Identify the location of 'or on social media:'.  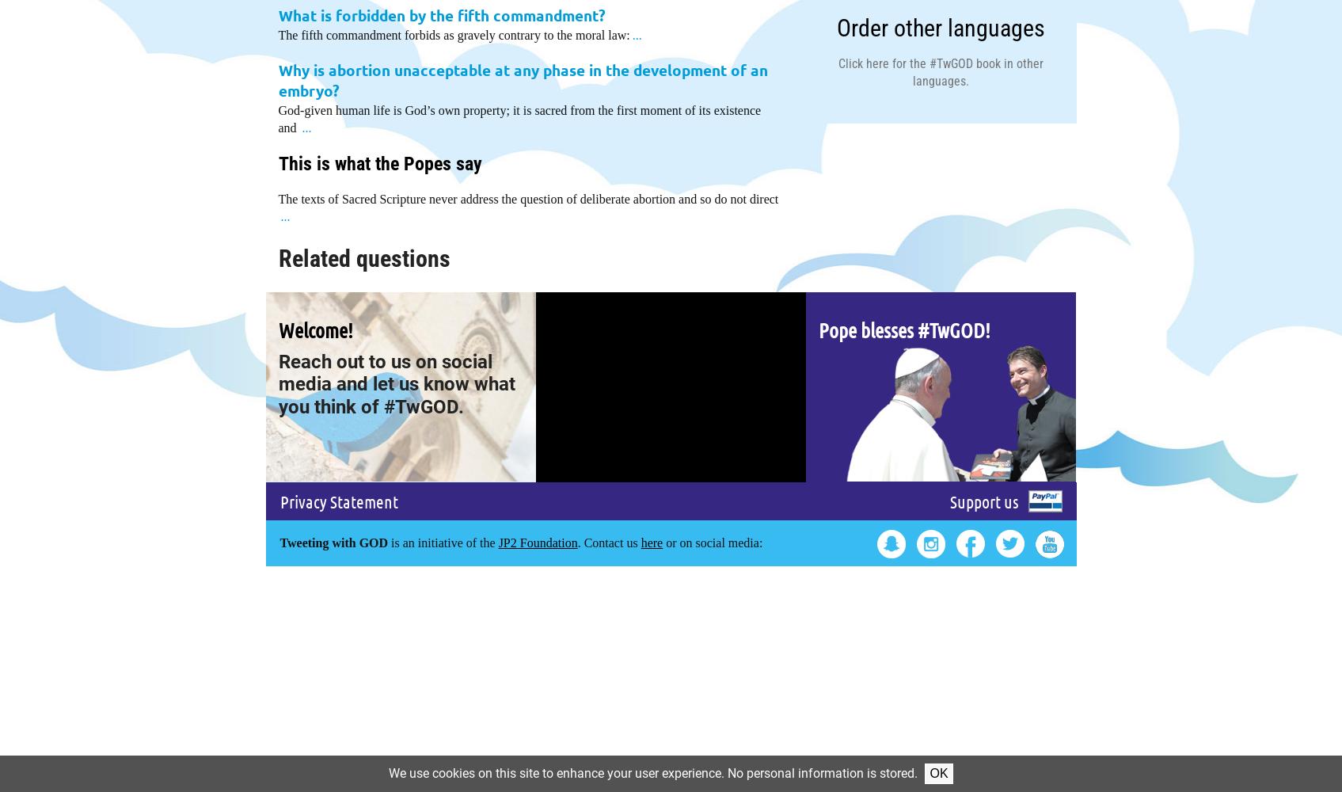
(712, 542).